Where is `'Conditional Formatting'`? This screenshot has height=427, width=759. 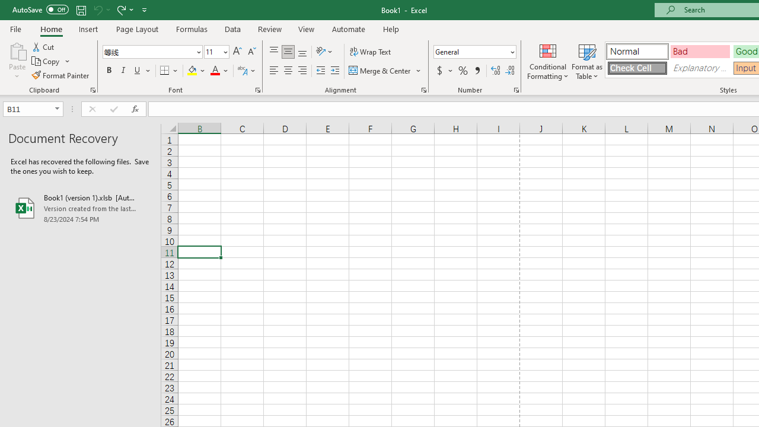 'Conditional Formatting' is located at coordinates (547, 61).